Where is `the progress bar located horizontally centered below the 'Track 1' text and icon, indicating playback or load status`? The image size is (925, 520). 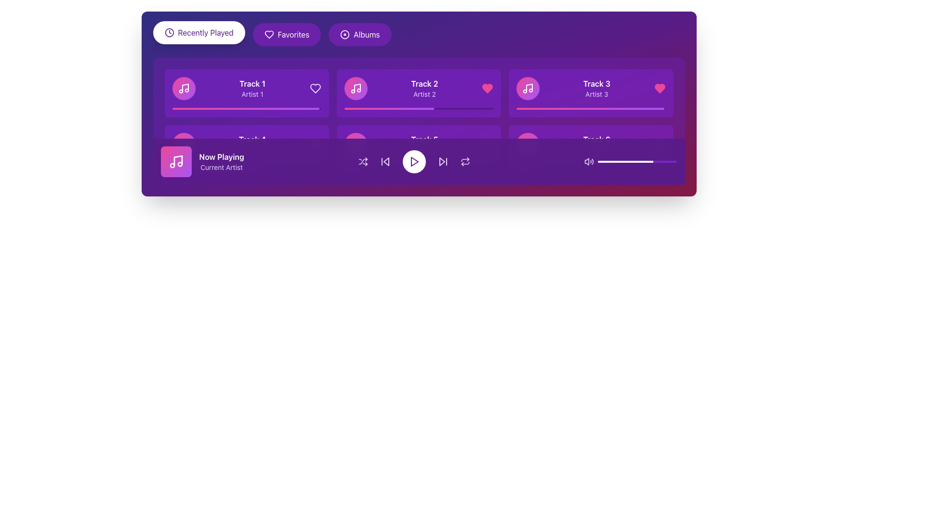 the progress bar located horizontally centered below the 'Track 1' text and icon, indicating playback or load status is located at coordinates (245, 108).